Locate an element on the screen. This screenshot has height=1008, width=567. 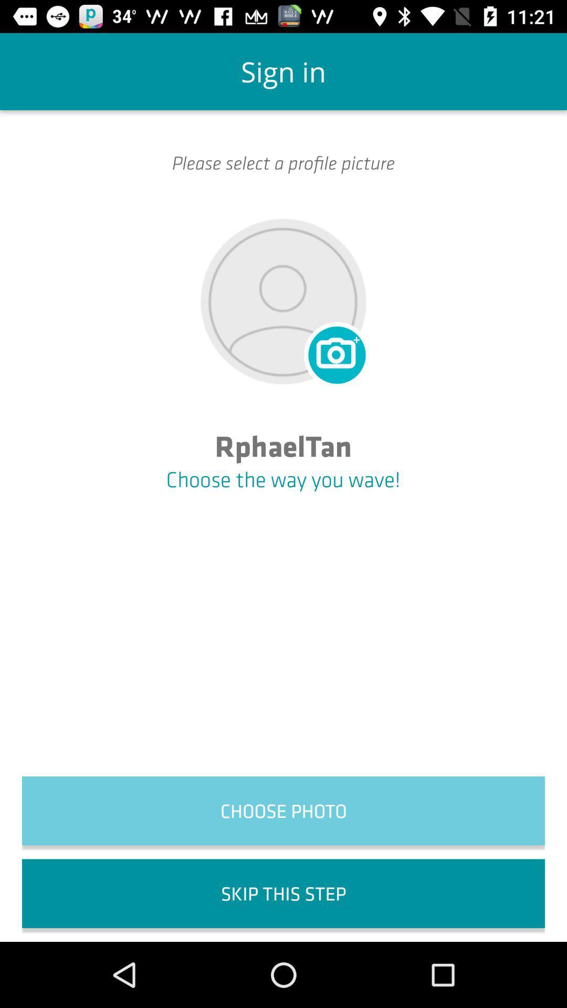
choose photo item is located at coordinates (283, 810).